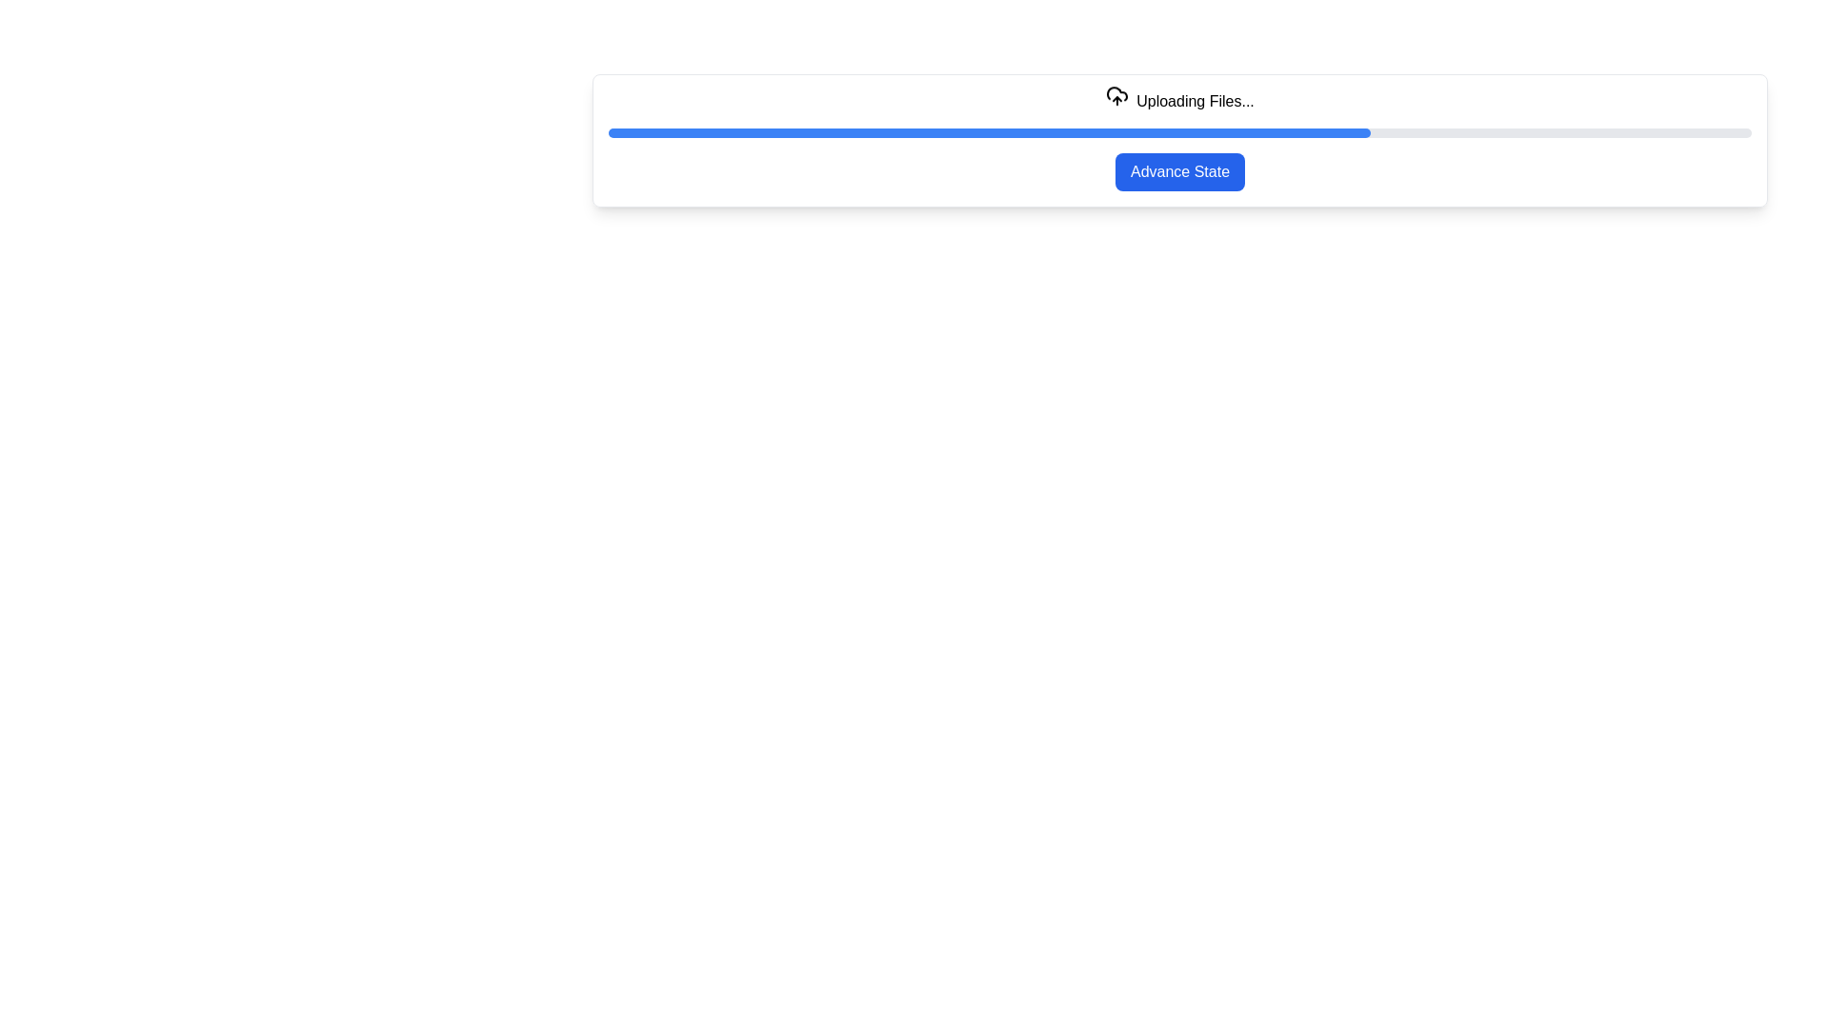 The height and width of the screenshot is (1028, 1829). Describe the element at coordinates (1117, 99) in the screenshot. I see `the cloud upload icon, which is a minimalistic SVG graphic with a bounce animation, located at the top-middle of the interface before the text 'Uploading Files...'` at that location.